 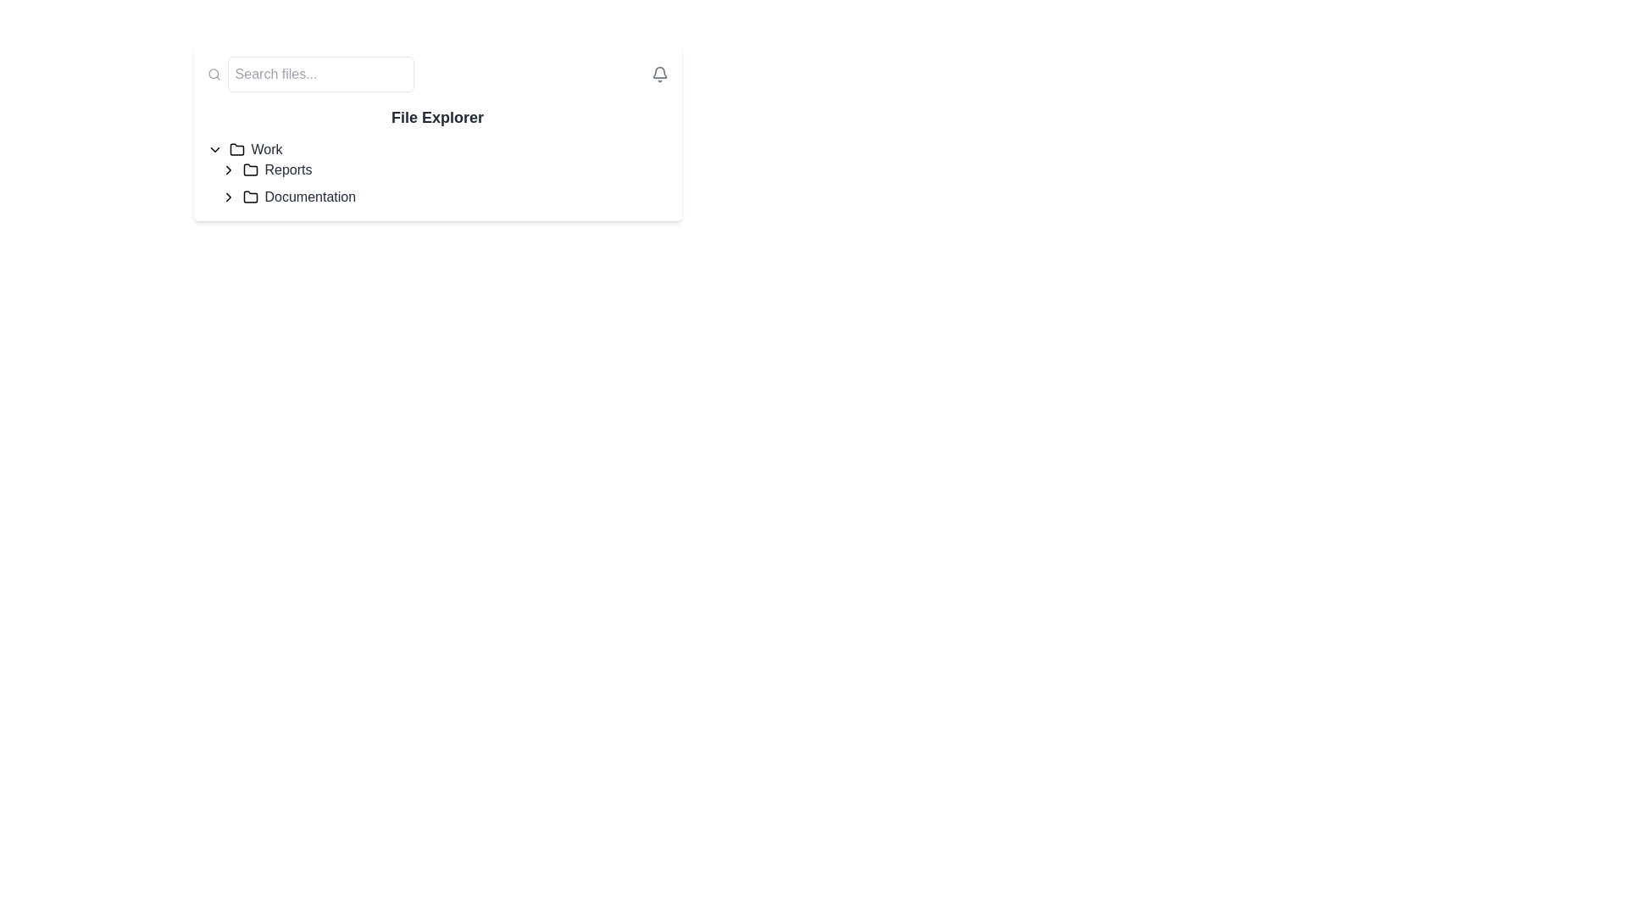 I want to click on the right-pointing Chevron icon located in the upper left section of the user interface, before the 'Documentation' text, so click(x=227, y=196).